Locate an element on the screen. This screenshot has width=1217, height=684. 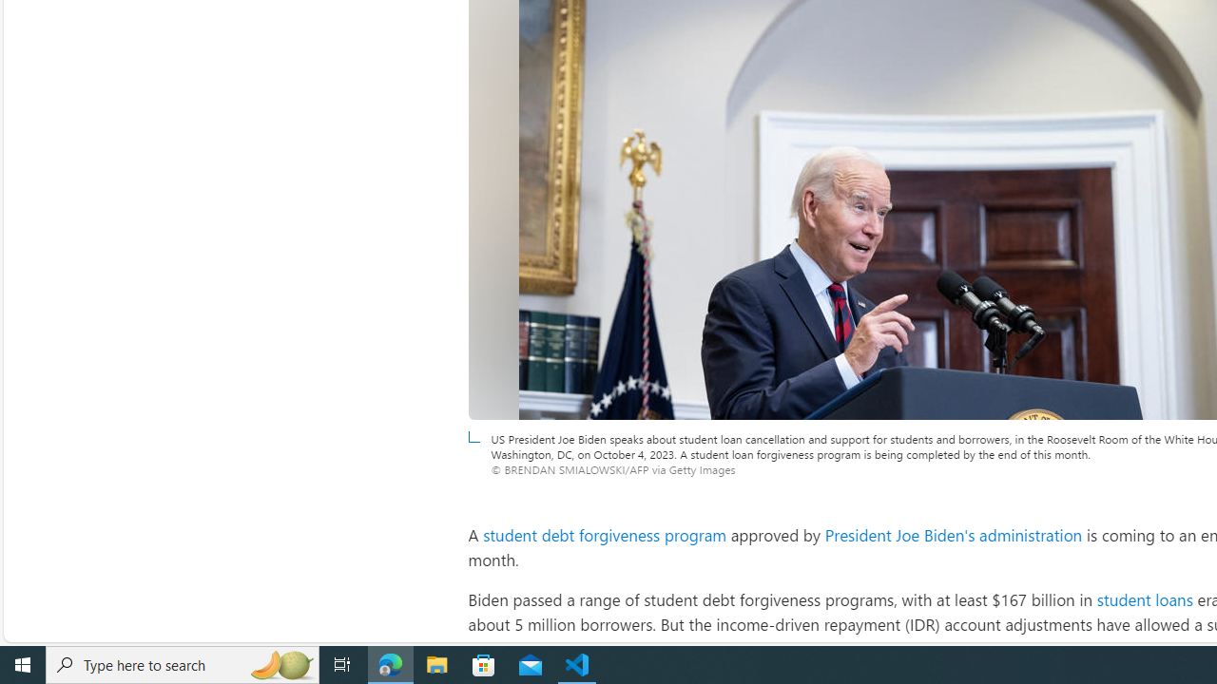
'student loans' is located at coordinates (1143, 599).